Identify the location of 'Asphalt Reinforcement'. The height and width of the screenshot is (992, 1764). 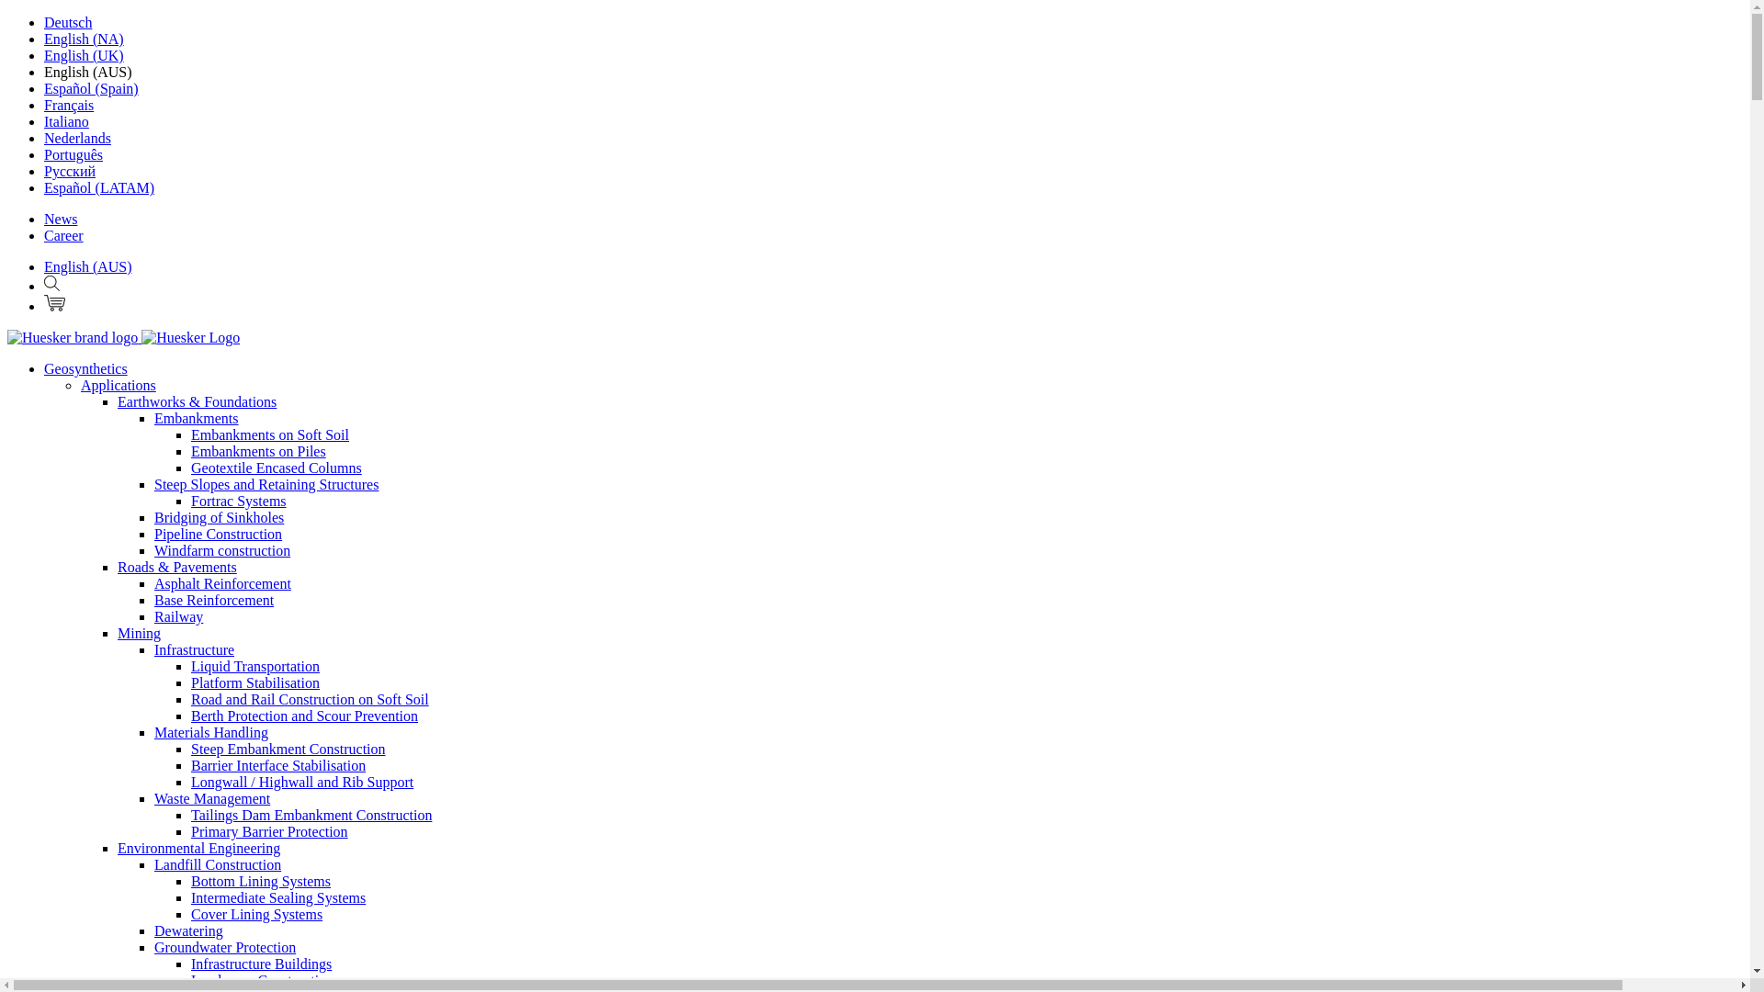
(221, 583).